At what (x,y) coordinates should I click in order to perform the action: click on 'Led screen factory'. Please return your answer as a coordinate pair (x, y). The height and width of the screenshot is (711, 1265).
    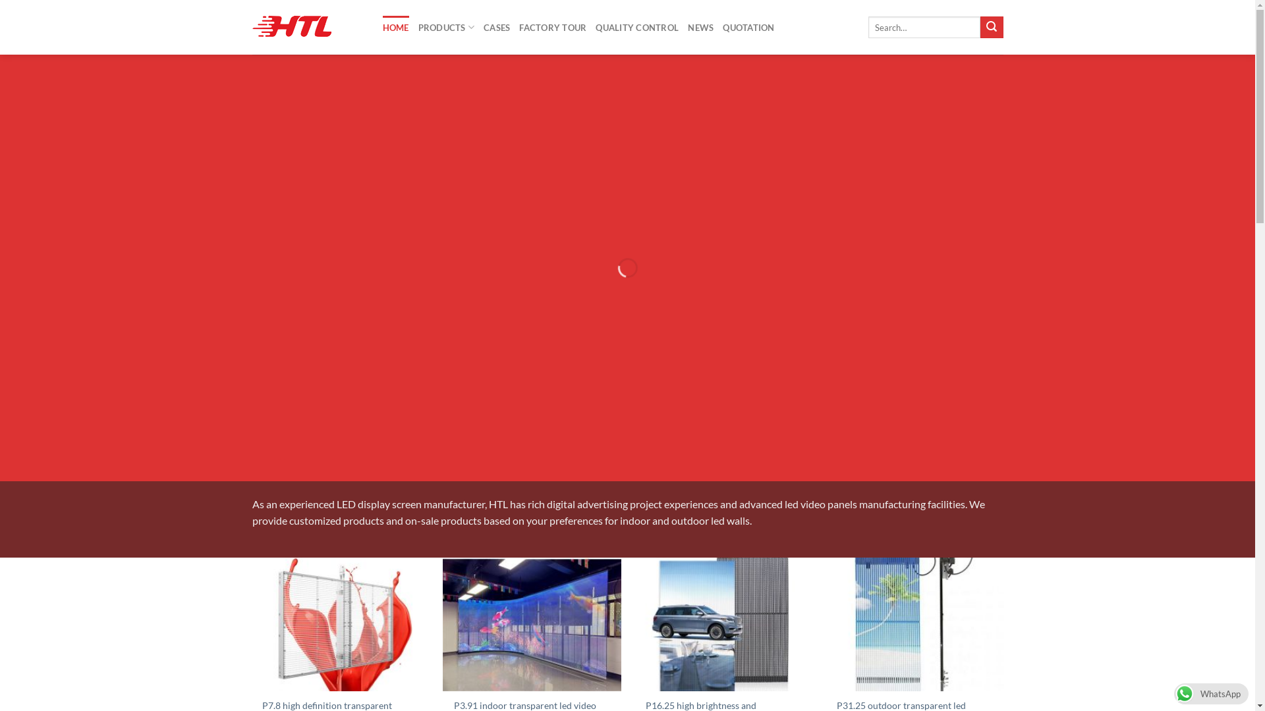
    Looking at the image, I should click on (306, 27).